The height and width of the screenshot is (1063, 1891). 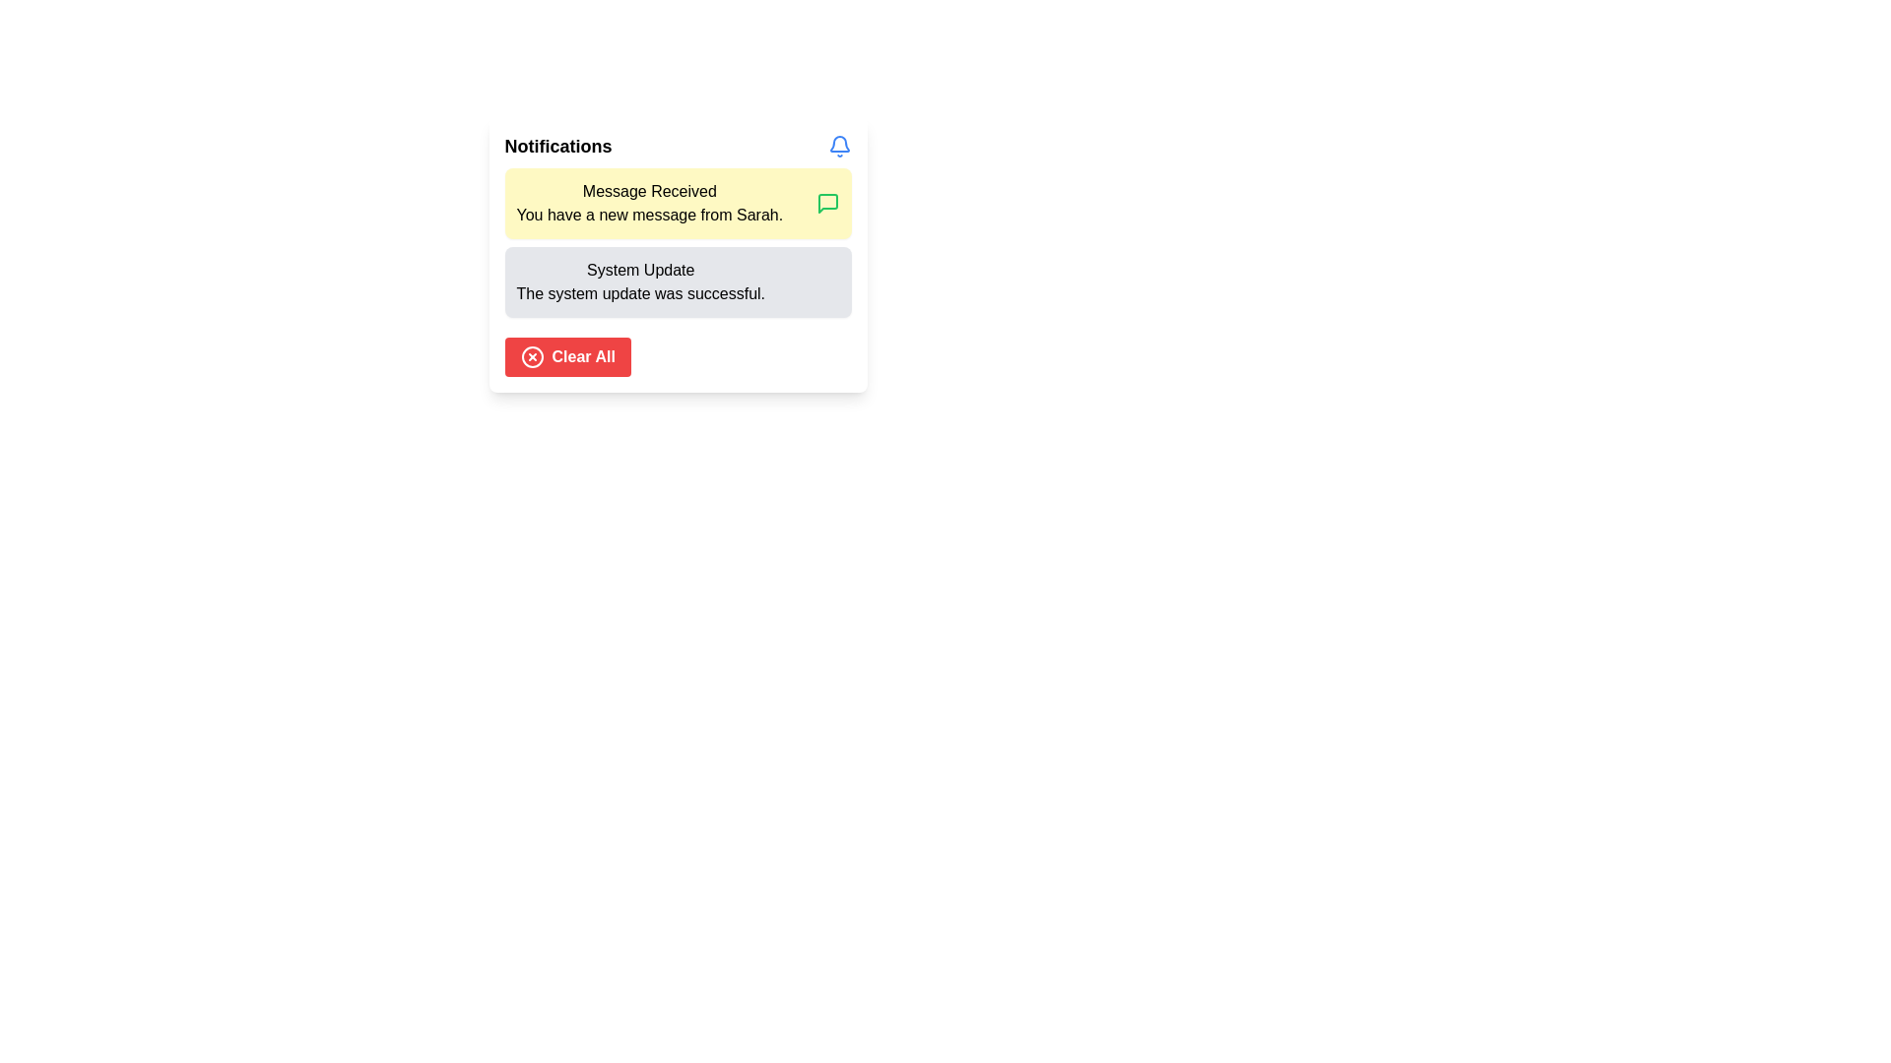 I want to click on the green chat icon on the Notification panel which has a yellow background and contains the message 'Message Received' and 'You have a new message from Sarah.', so click(x=678, y=204).